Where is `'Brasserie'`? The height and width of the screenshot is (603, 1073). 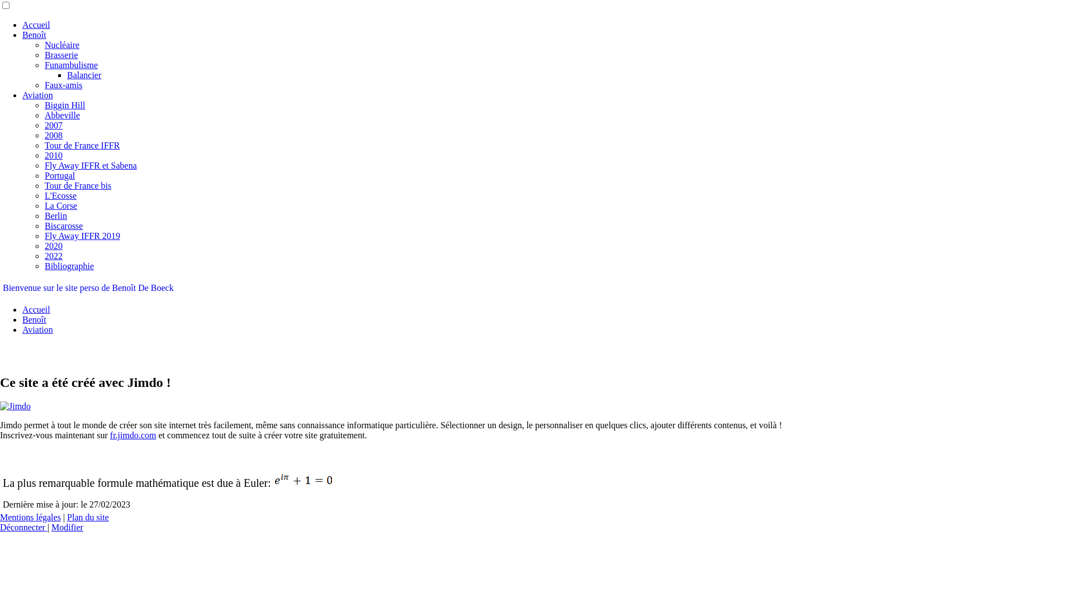 'Brasserie' is located at coordinates (61, 55).